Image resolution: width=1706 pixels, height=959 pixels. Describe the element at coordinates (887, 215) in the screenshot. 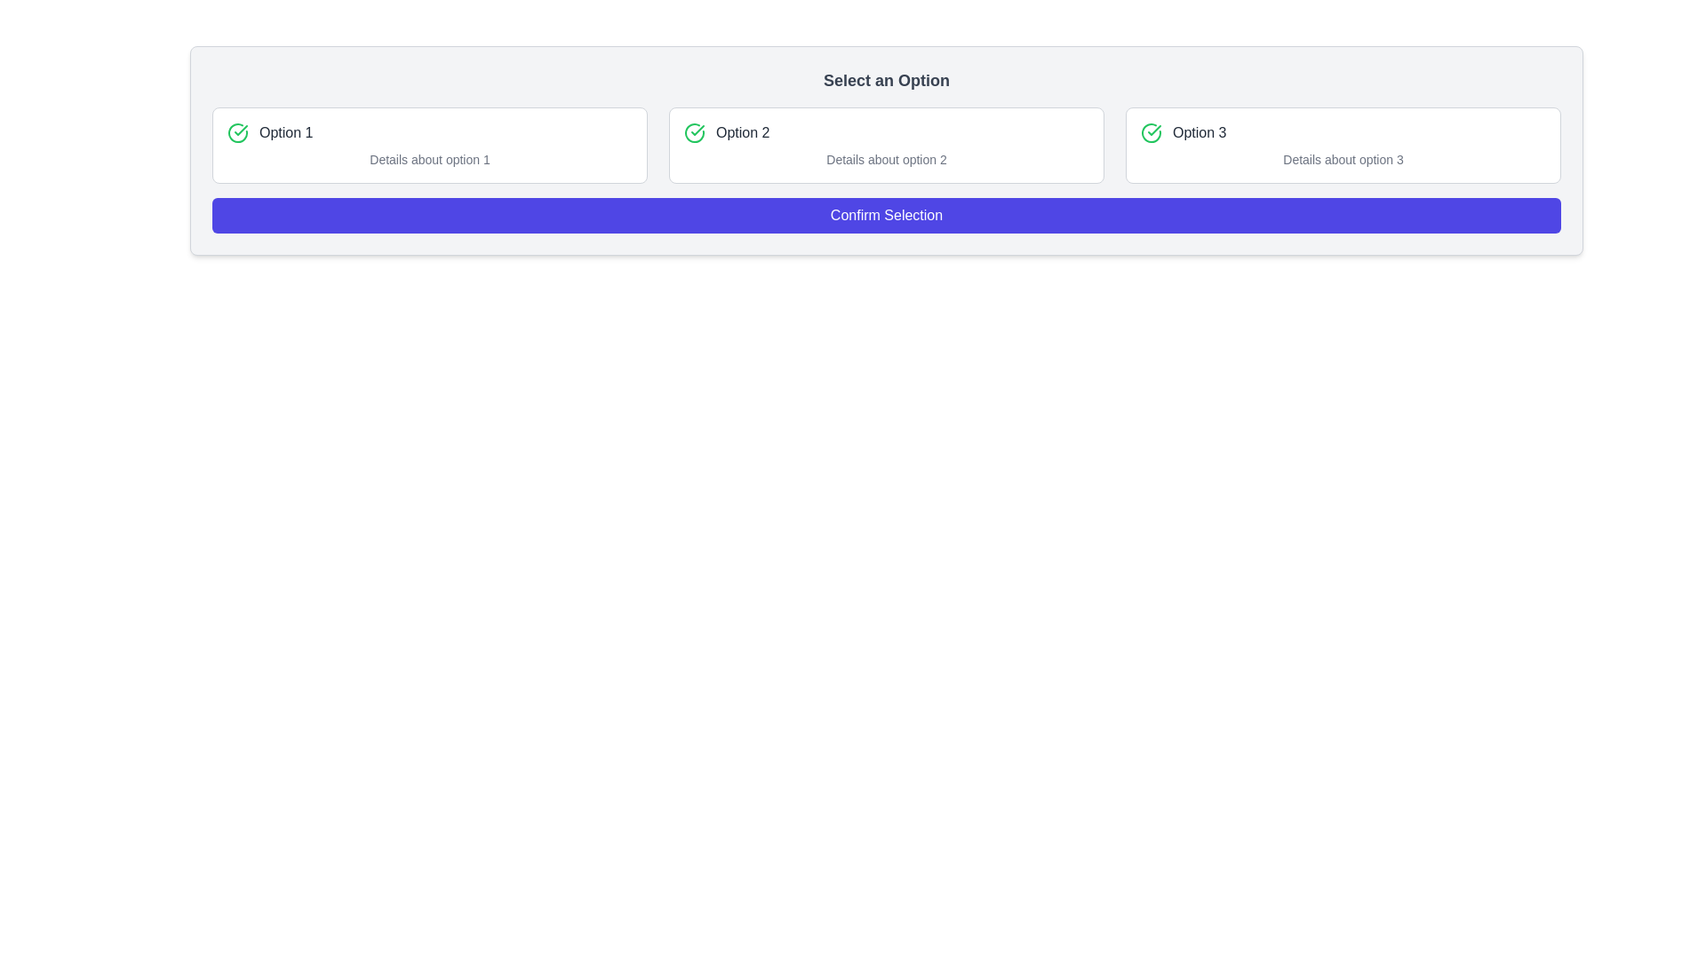

I see `the large 'Confirm Selection' button with a dark blue background` at that location.